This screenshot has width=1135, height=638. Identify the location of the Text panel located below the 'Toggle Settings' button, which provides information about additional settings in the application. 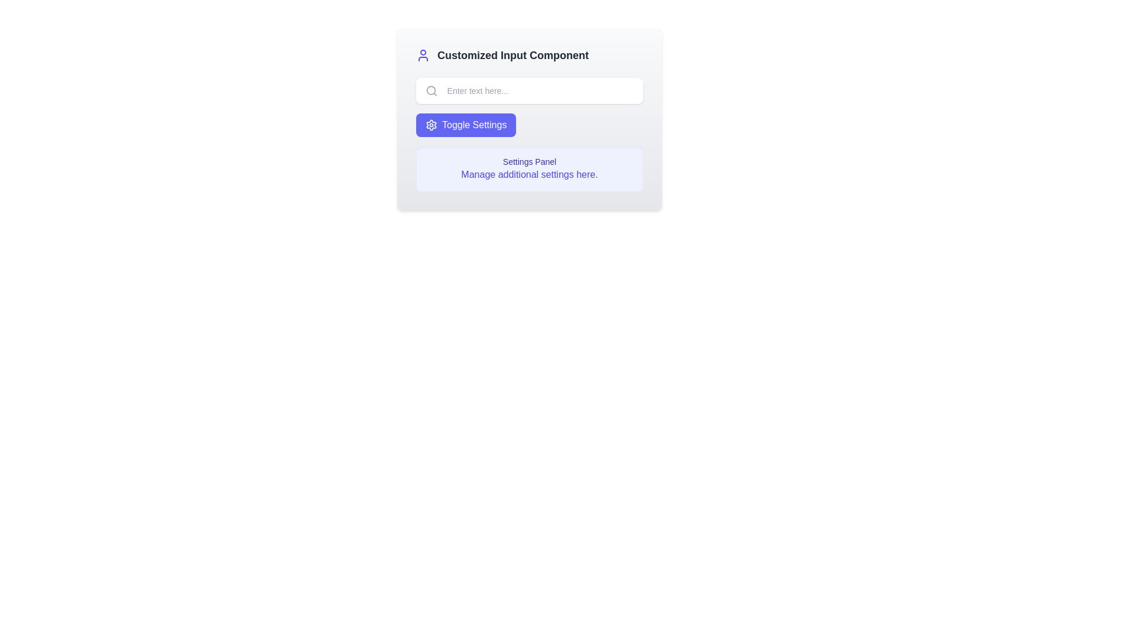
(529, 168).